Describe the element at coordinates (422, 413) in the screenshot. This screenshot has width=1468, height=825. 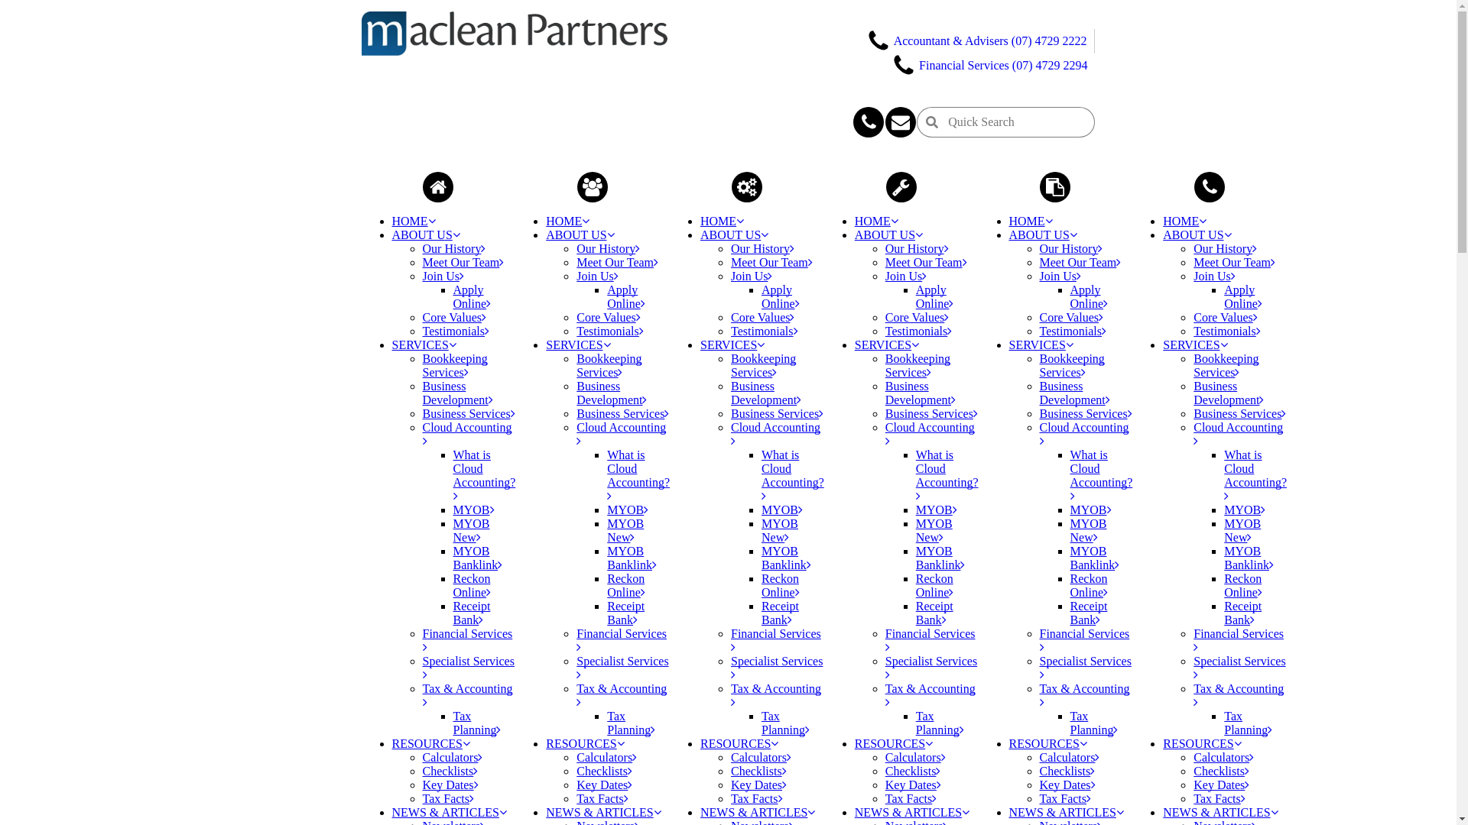
I see `'Business Services'` at that location.